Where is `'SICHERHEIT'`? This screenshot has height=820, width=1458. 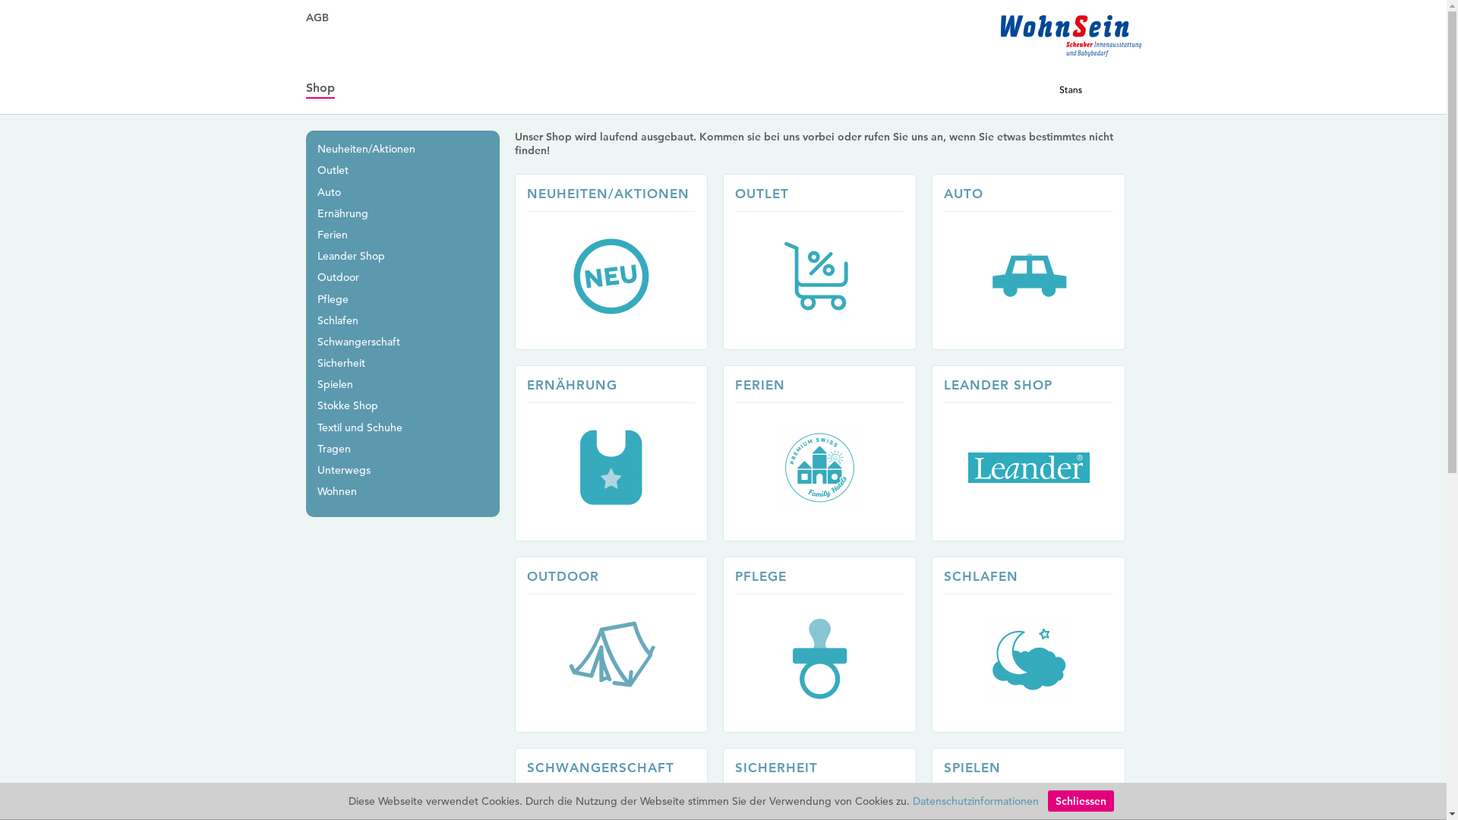
'SICHERHEIT' is located at coordinates (776, 767).